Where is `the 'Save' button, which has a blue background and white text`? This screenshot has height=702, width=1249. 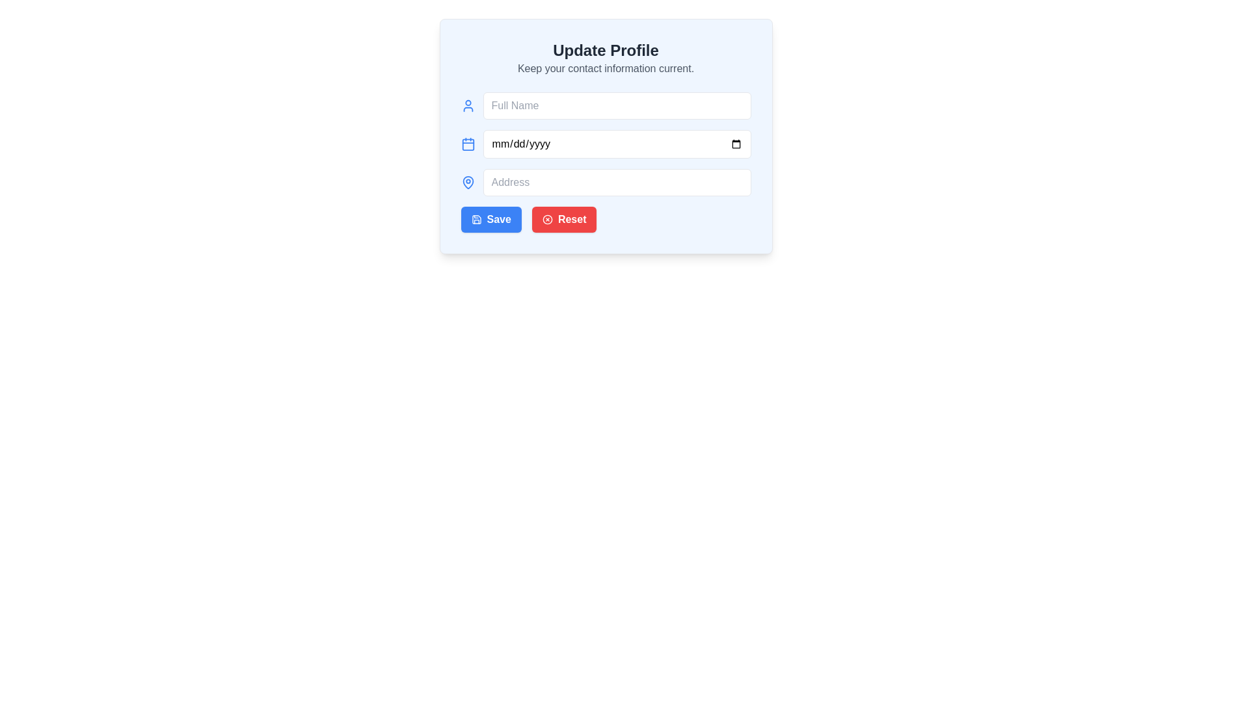
the 'Save' button, which has a blue background and white text is located at coordinates (490, 219).